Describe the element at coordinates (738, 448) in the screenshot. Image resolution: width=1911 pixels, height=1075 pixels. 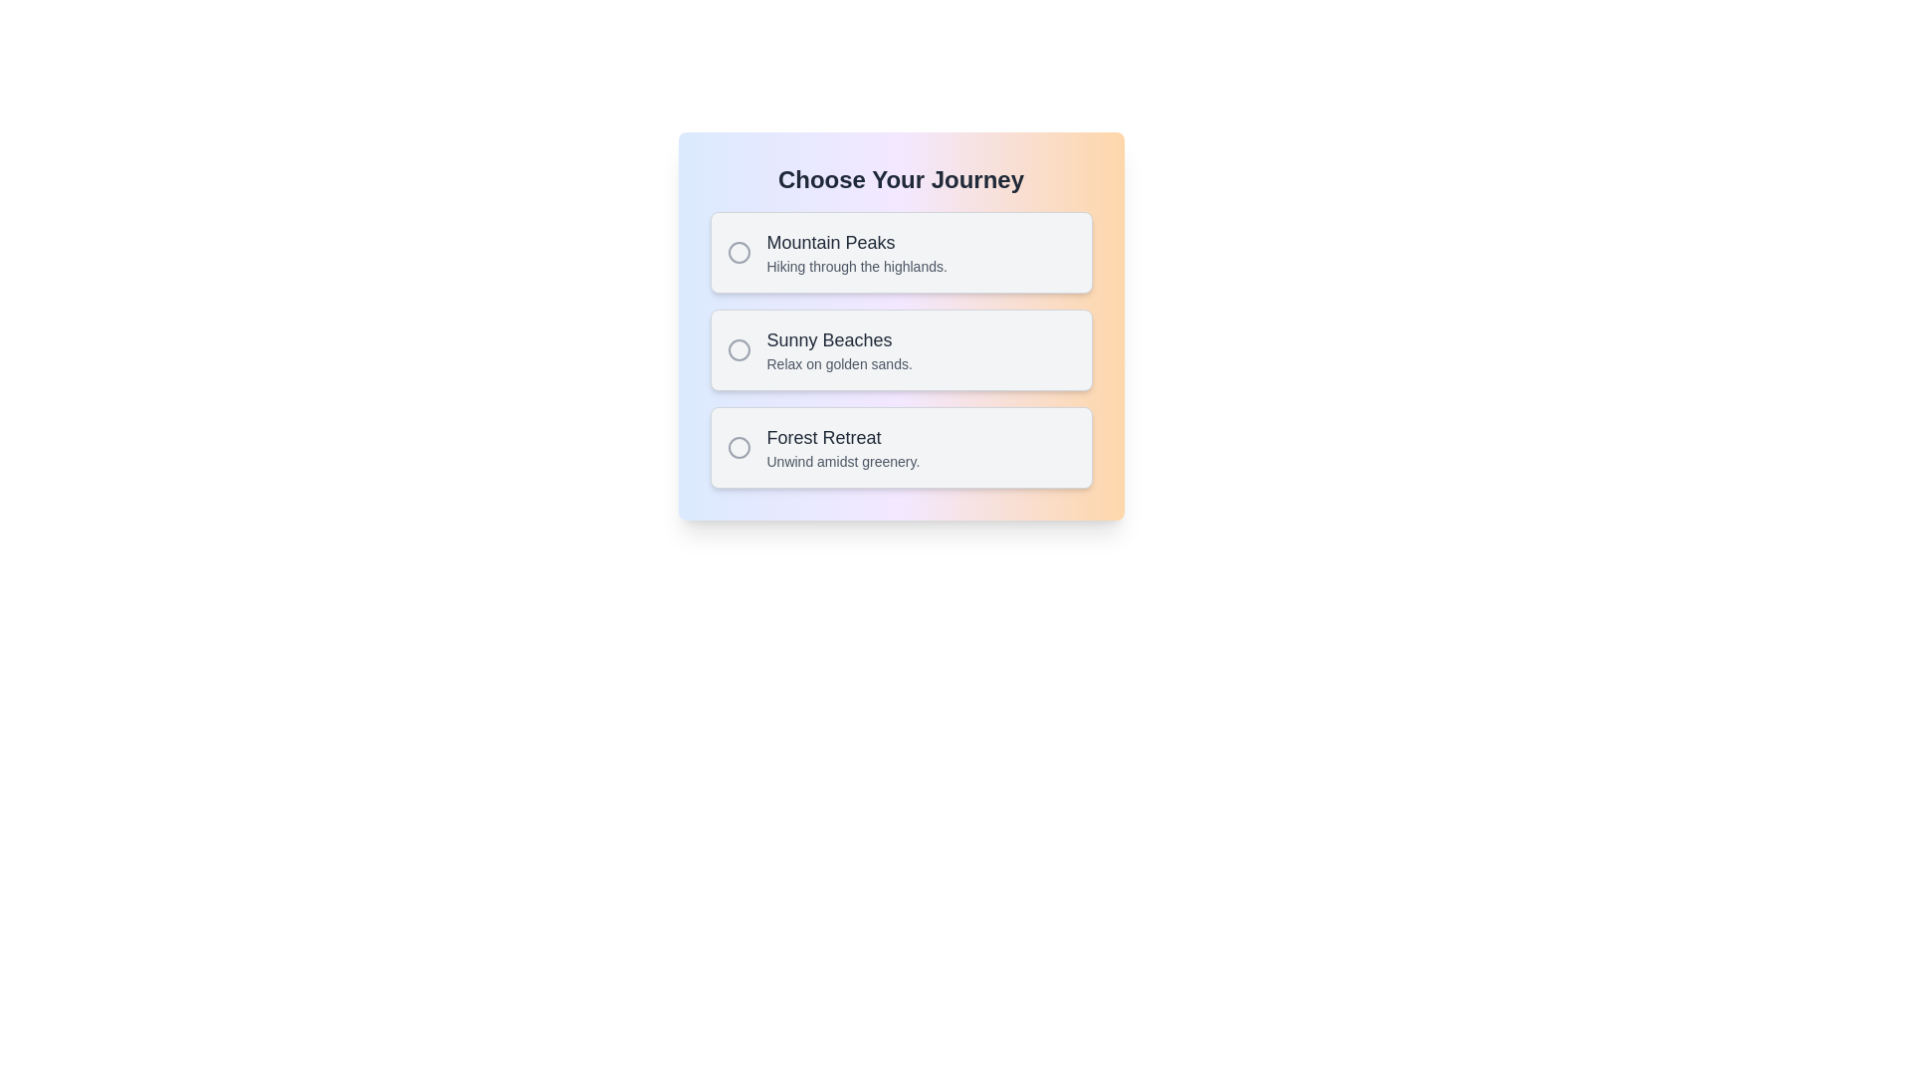
I see `the appearance of the SVG circle element that is part of the 'Forest Retreat' selection option, located at the center of the smaller circle within the circular design` at that location.